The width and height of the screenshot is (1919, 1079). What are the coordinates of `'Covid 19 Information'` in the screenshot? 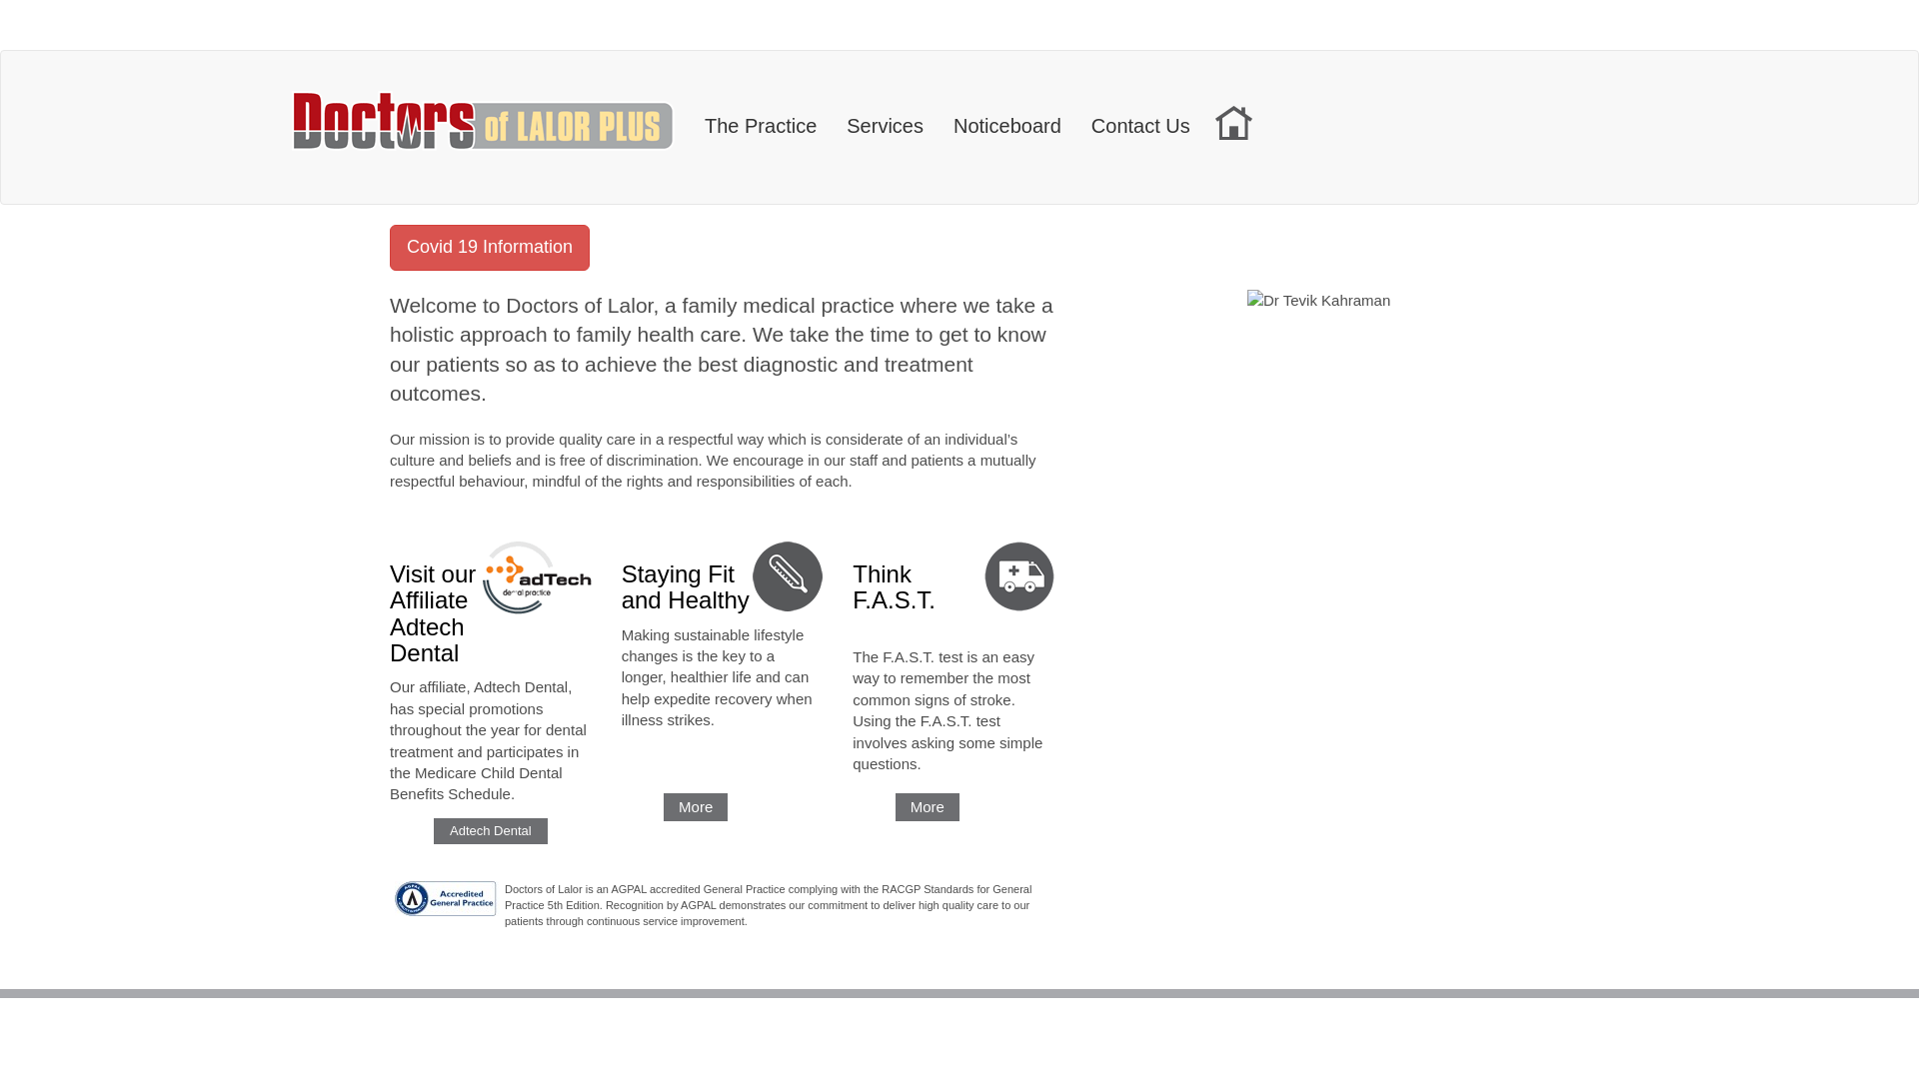 It's located at (389, 246).